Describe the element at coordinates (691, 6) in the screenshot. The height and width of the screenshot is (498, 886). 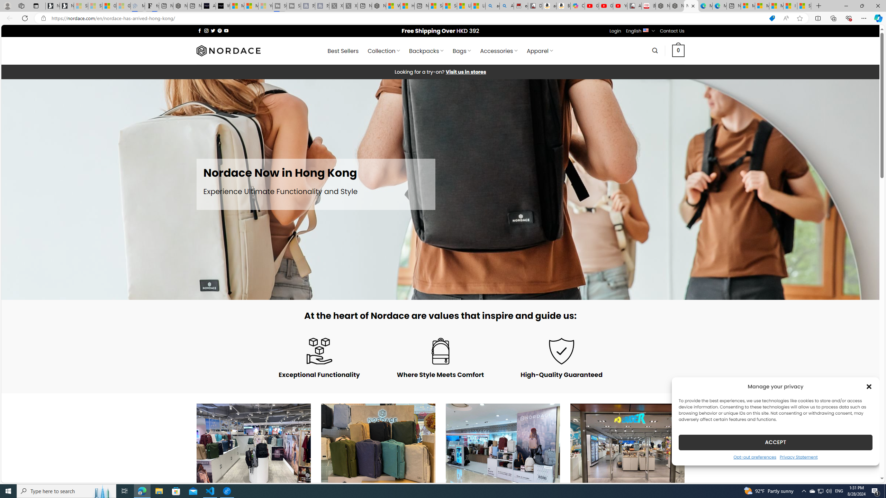
I see `'Nordace - Nordace has arrived Hong Kong'` at that location.